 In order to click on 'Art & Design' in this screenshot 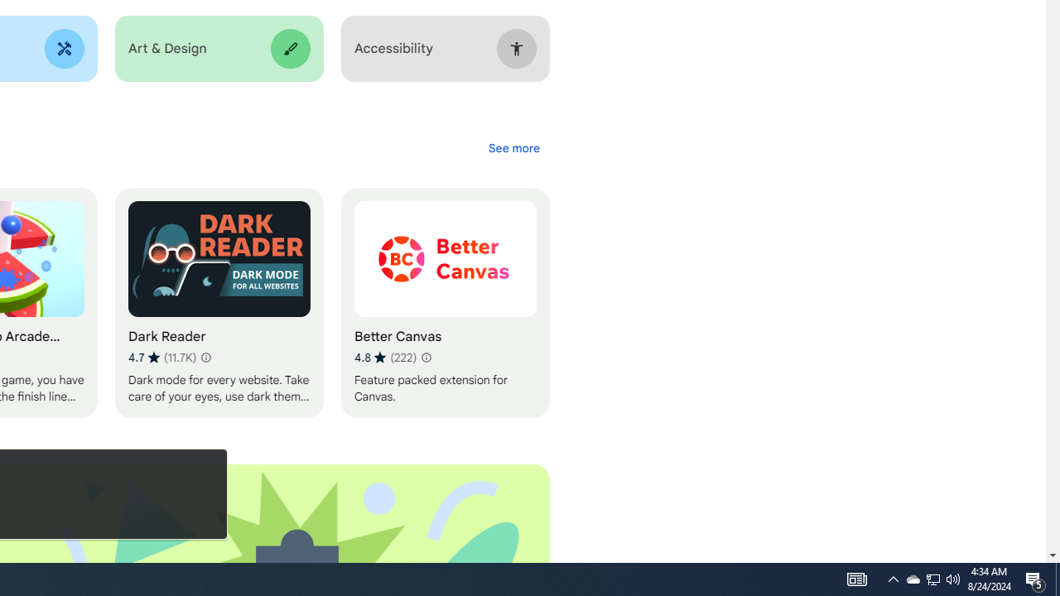, I will do `click(218, 48)`.